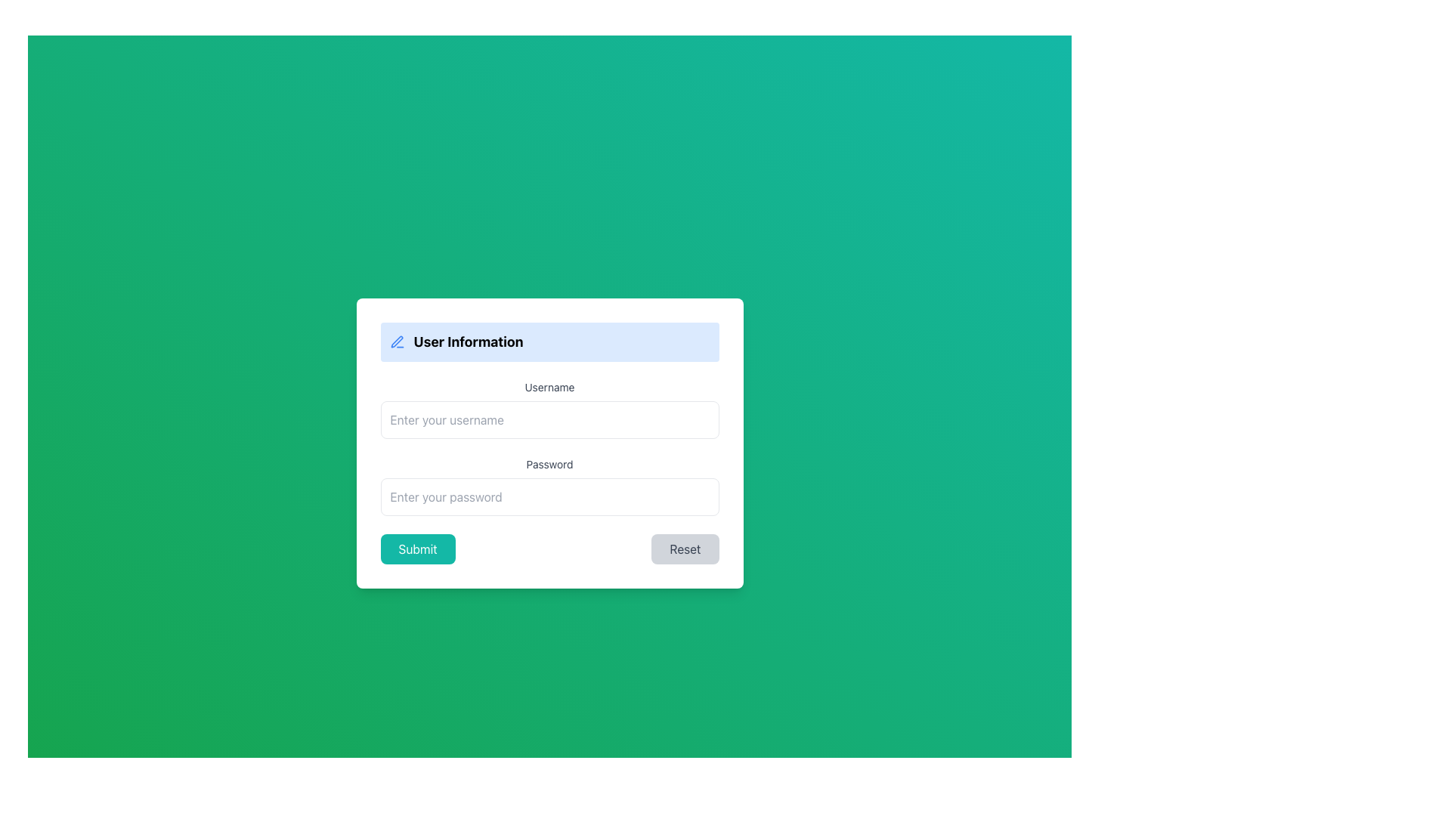 Image resolution: width=1451 pixels, height=816 pixels. I want to click on the reset button located at the bottom right of the form to clear all inputs and restore the form to its initial state, so click(685, 549).